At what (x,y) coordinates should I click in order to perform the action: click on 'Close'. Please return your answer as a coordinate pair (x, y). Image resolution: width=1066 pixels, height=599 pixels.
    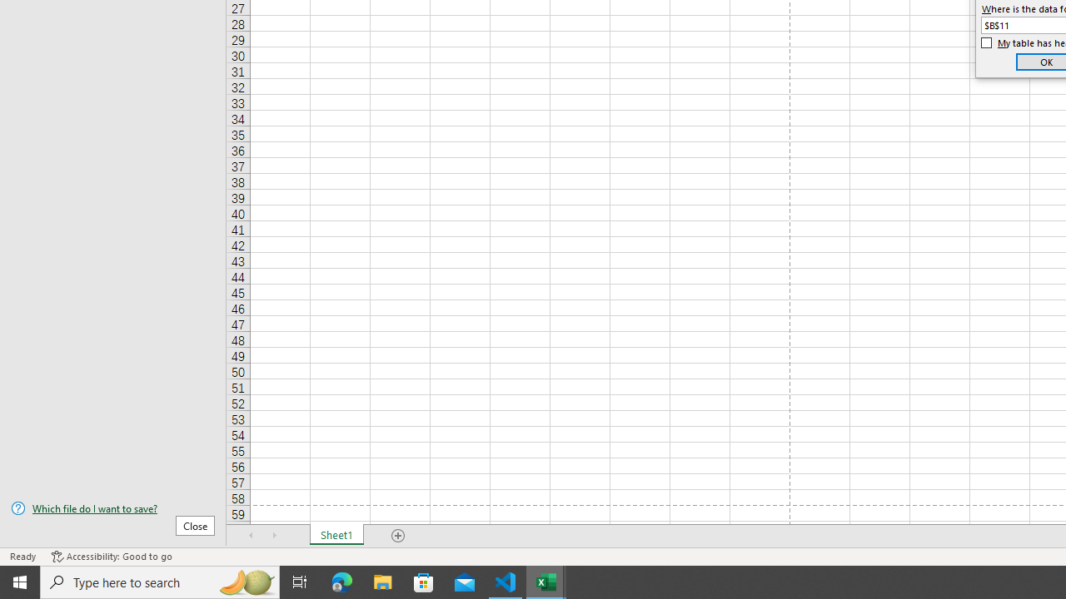
    Looking at the image, I should click on (195, 525).